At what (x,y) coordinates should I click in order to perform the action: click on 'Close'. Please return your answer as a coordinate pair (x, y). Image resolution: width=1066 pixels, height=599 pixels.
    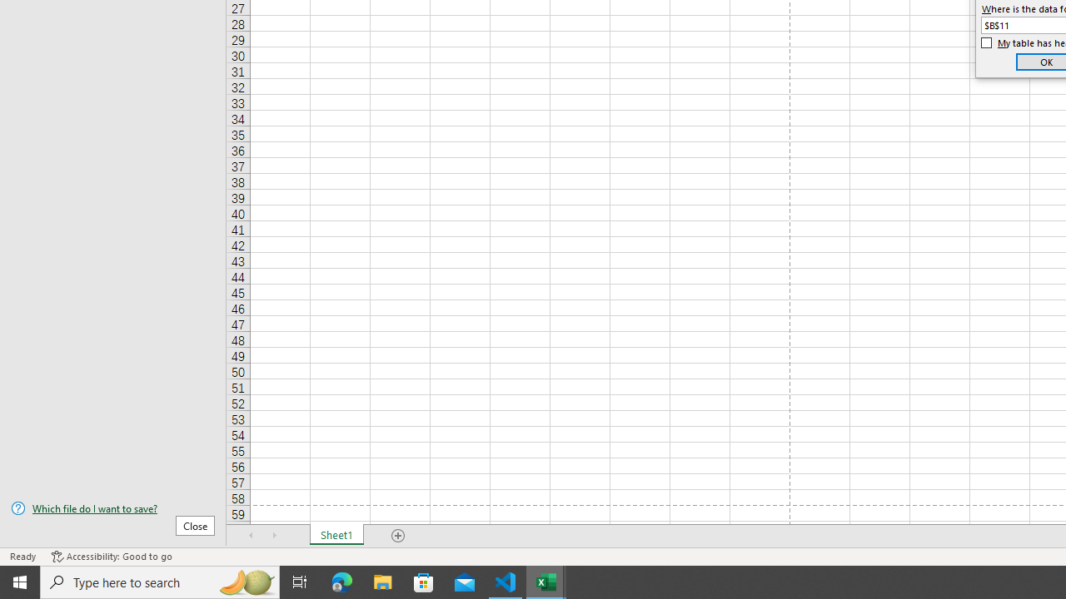
    Looking at the image, I should click on (195, 525).